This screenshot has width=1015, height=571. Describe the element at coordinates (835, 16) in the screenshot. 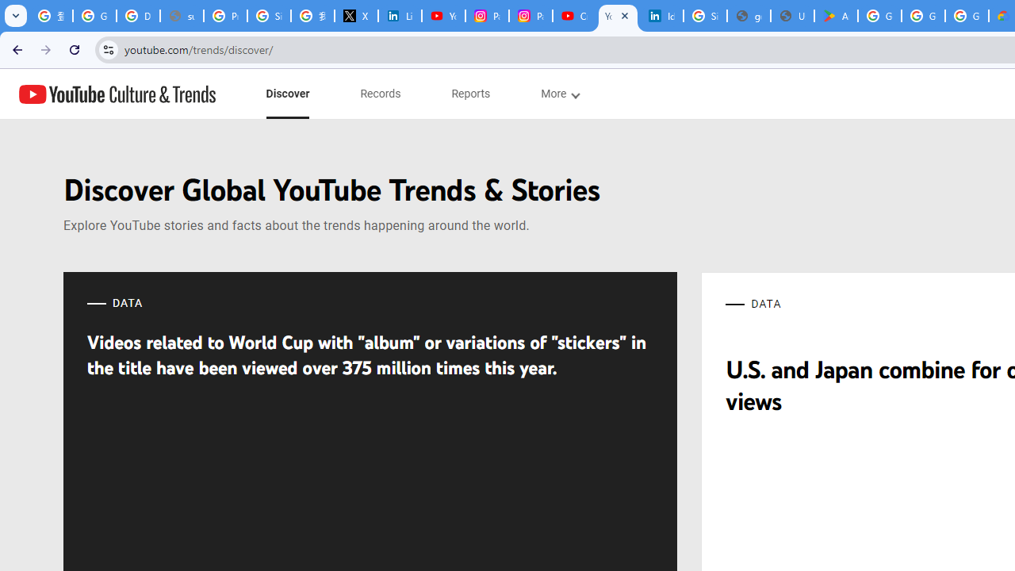

I see `'Android Apps on Google Play'` at that location.